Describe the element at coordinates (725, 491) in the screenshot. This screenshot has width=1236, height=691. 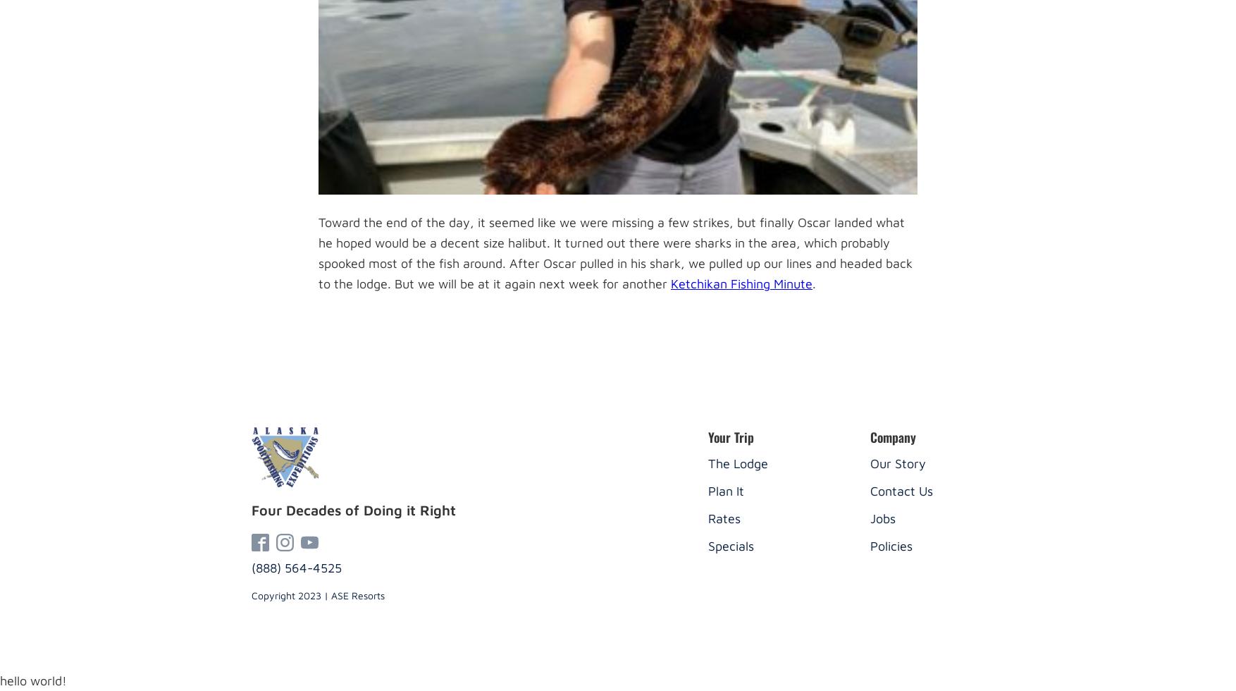
I see `'Plan It'` at that location.